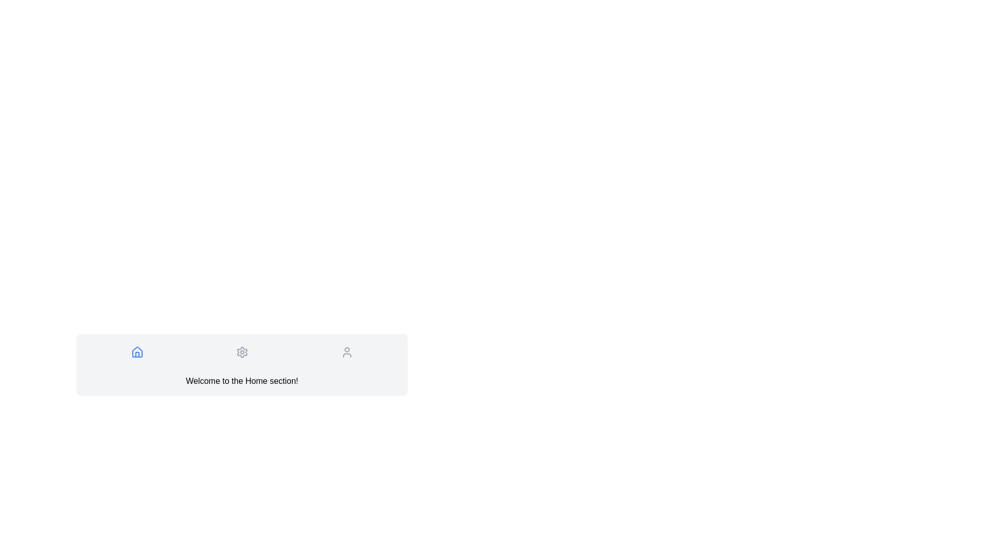 The width and height of the screenshot is (992, 558). Describe the element at coordinates (241, 352) in the screenshot. I see `the gear icon button in the center of the navigation bar, which is styled with a gray outline and indicates settings or configuration features` at that location.